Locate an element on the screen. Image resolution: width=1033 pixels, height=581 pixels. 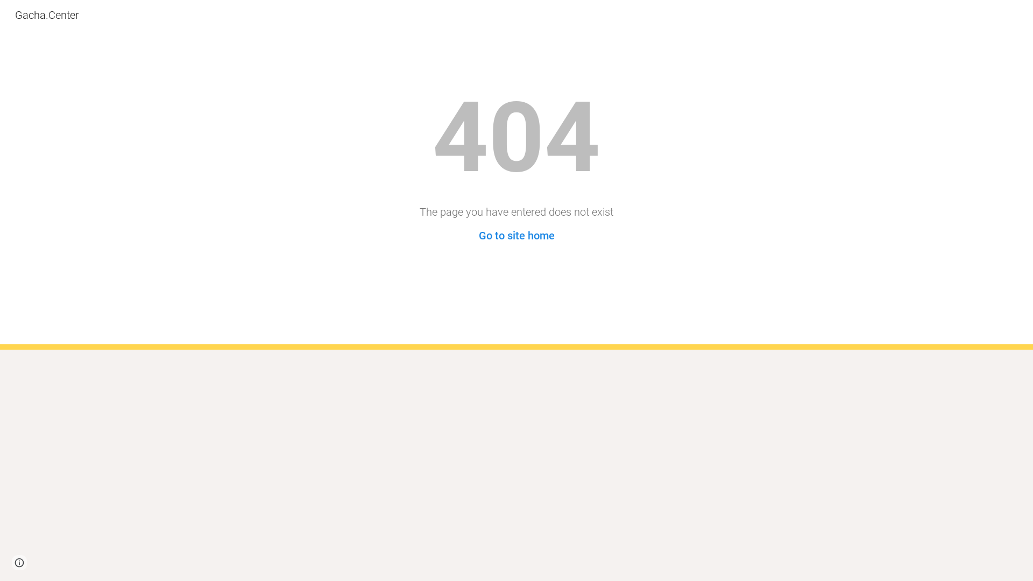
'Go to site home' is located at coordinates (516, 235).